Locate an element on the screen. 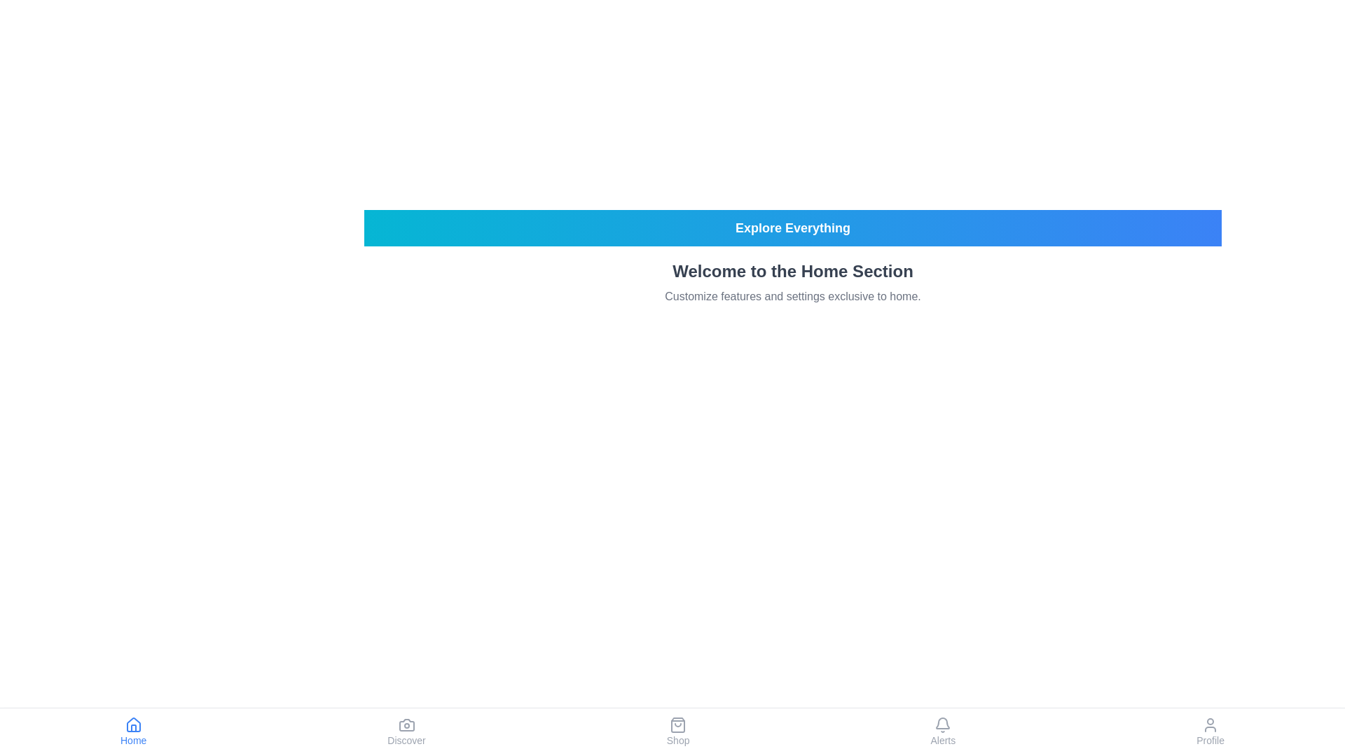 This screenshot has width=1345, height=756. the Profile tab in the footer is located at coordinates (1210, 731).